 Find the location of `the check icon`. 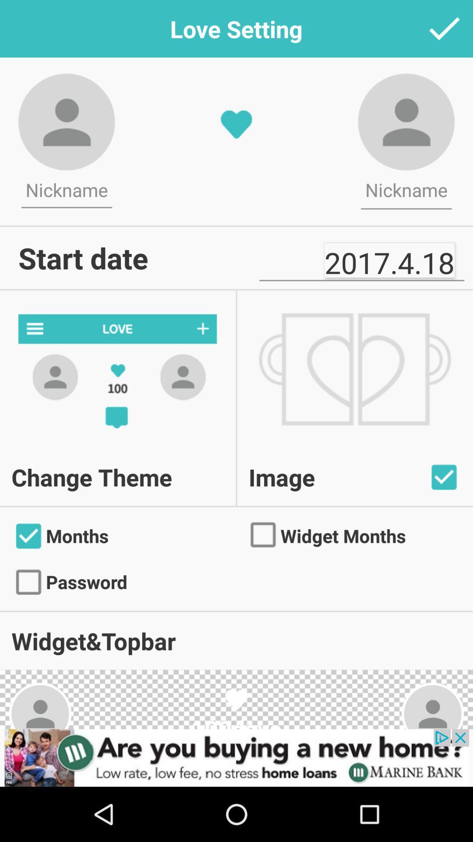

the check icon is located at coordinates (28, 573).